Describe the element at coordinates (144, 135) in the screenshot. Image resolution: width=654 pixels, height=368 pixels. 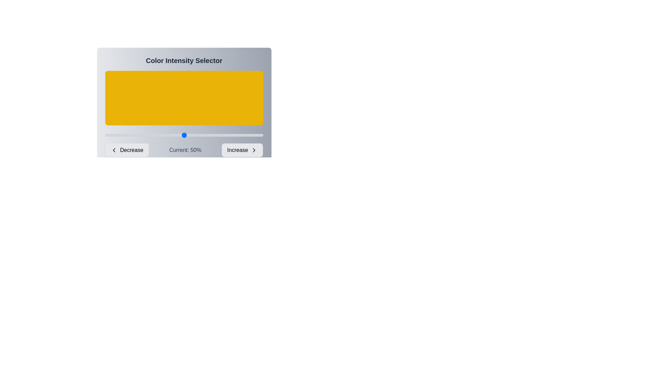
I see `color intensity` at that location.